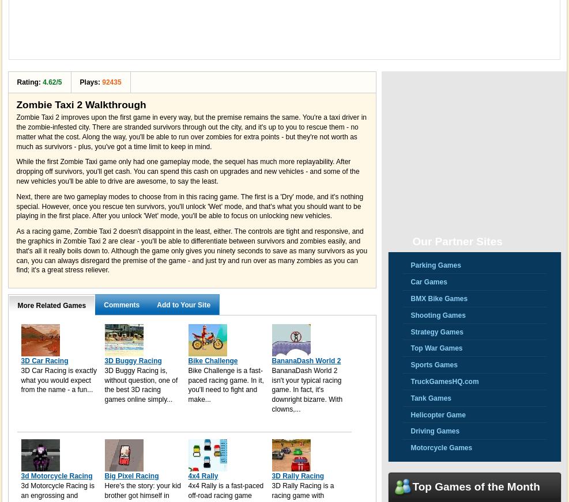  I want to click on 'Sports Games', so click(433, 365).